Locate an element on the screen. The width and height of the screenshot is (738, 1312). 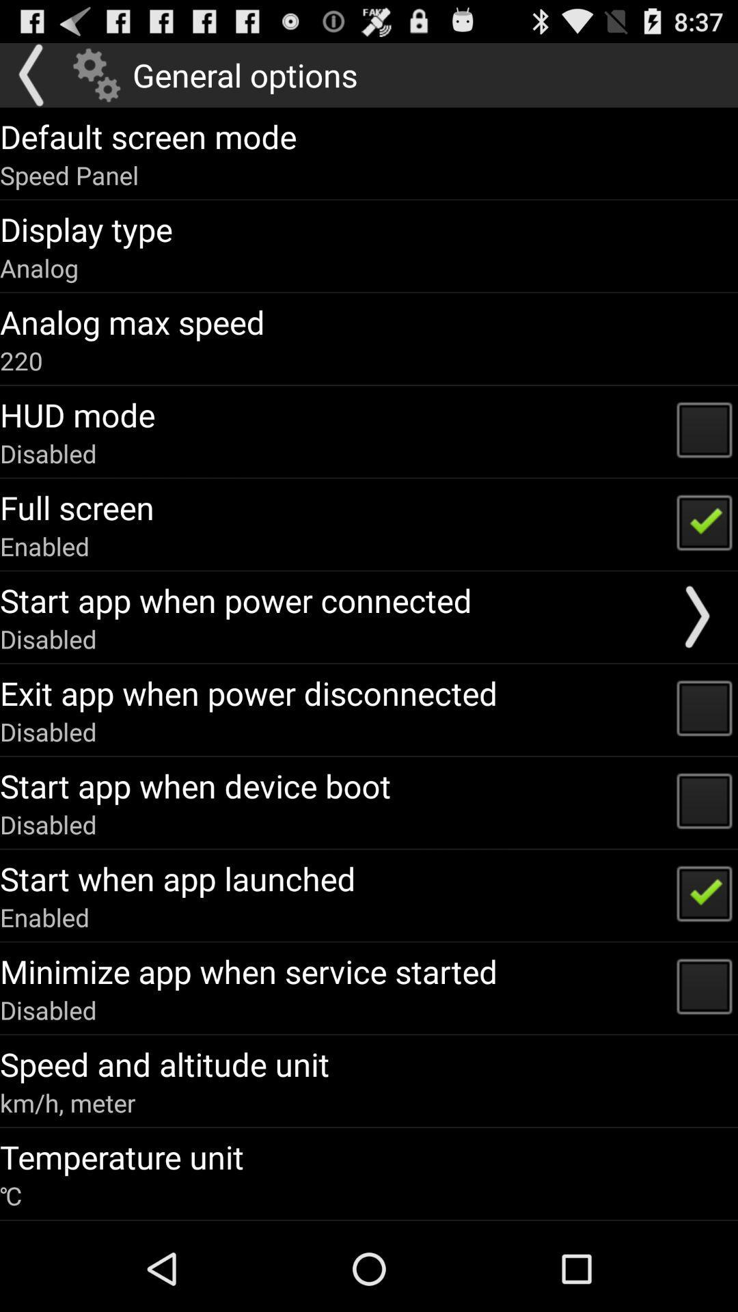
icon below the analog max speed app is located at coordinates (21, 361).